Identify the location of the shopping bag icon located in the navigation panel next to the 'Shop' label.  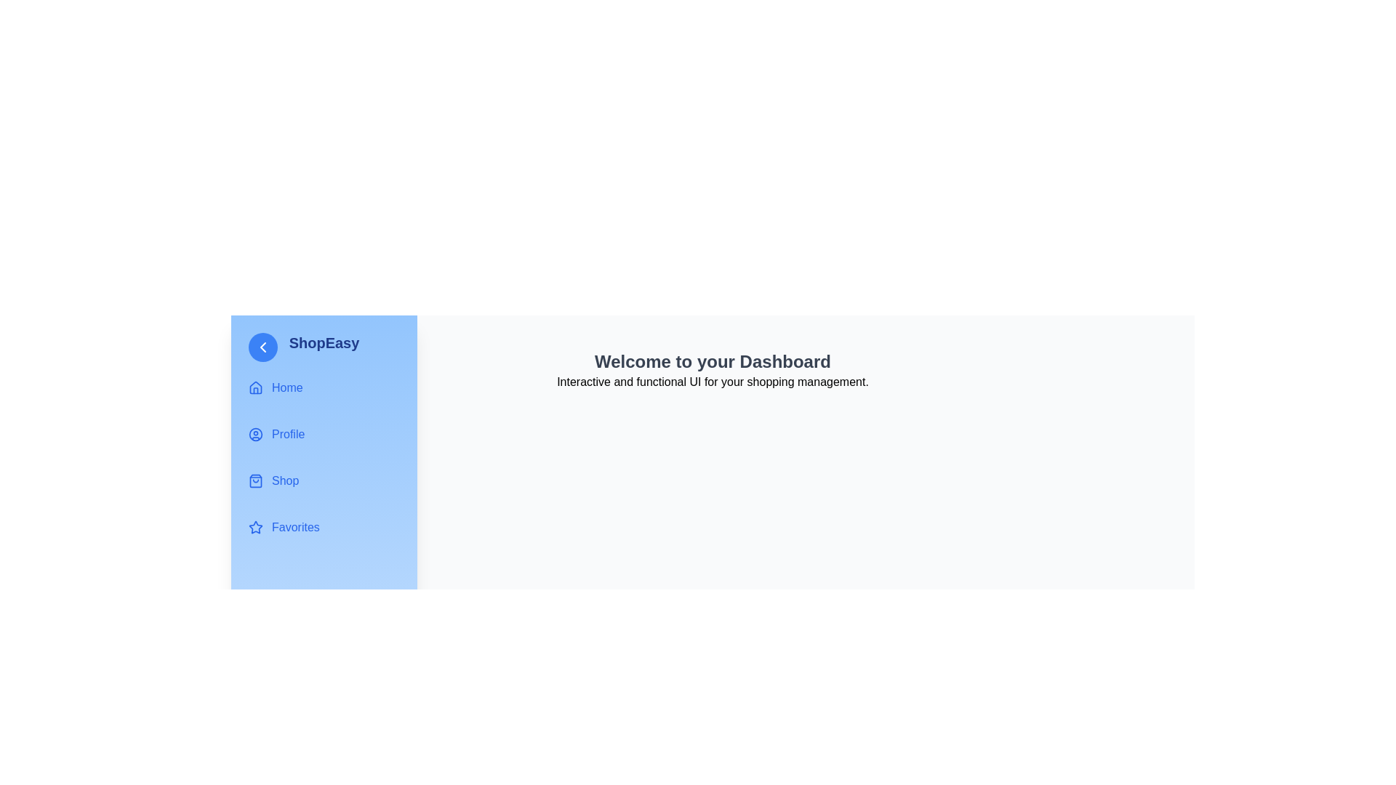
(255, 481).